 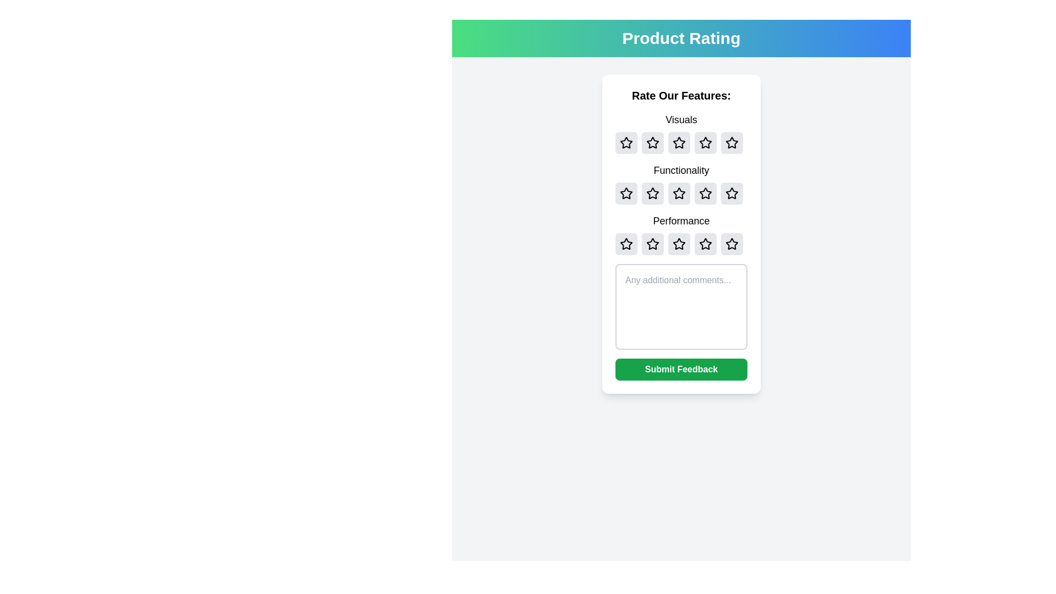 What do you see at coordinates (732, 142) in the screenshot?
I see `the fifth star rating button with a gray background and the number '5'` at bounding box center [732, 142].